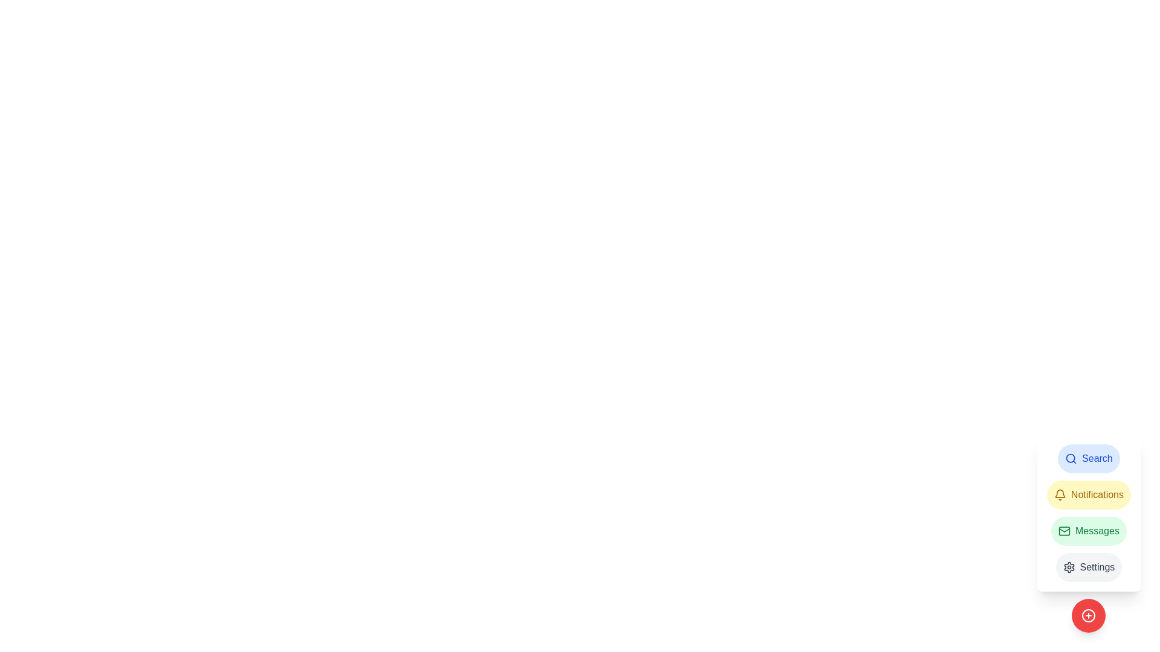  I want to click on the gear icon representing settings, which is adjacent to the 'Settings' text in a rounded button with a light gray background, so click(1069, 567).